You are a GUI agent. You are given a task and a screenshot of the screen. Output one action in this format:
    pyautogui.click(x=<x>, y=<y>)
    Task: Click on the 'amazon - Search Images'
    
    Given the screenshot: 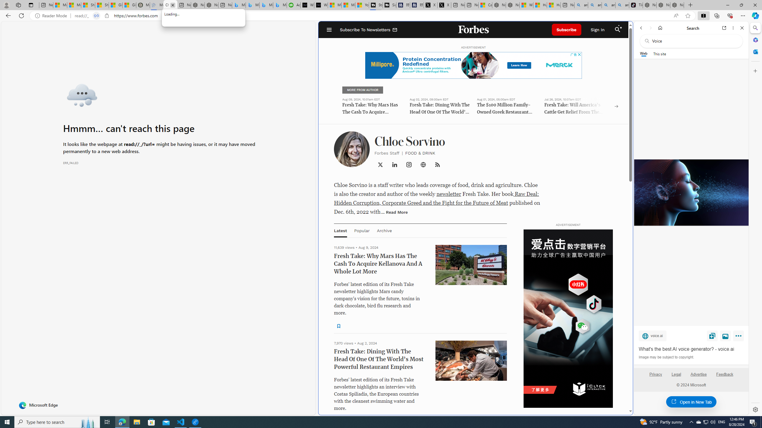 What is the action you would take?
    pyautogui.click(x=622, y=5)
    